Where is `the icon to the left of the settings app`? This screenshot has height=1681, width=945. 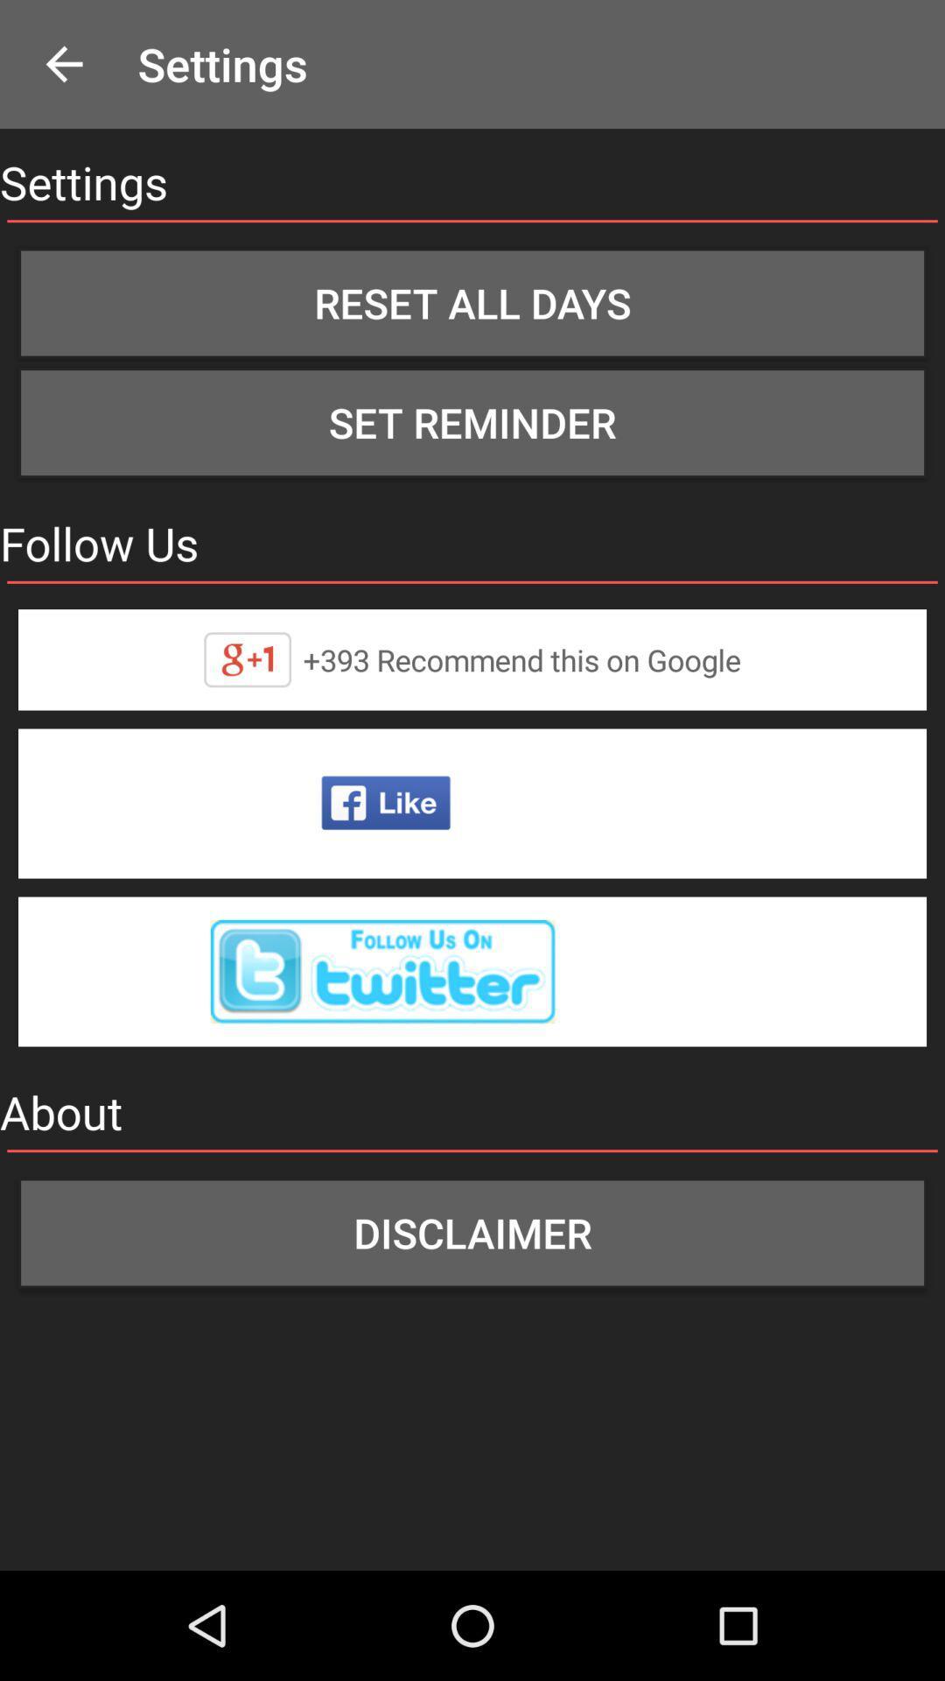
the icon to the left of the settings app is located at coordinates (63, 64).